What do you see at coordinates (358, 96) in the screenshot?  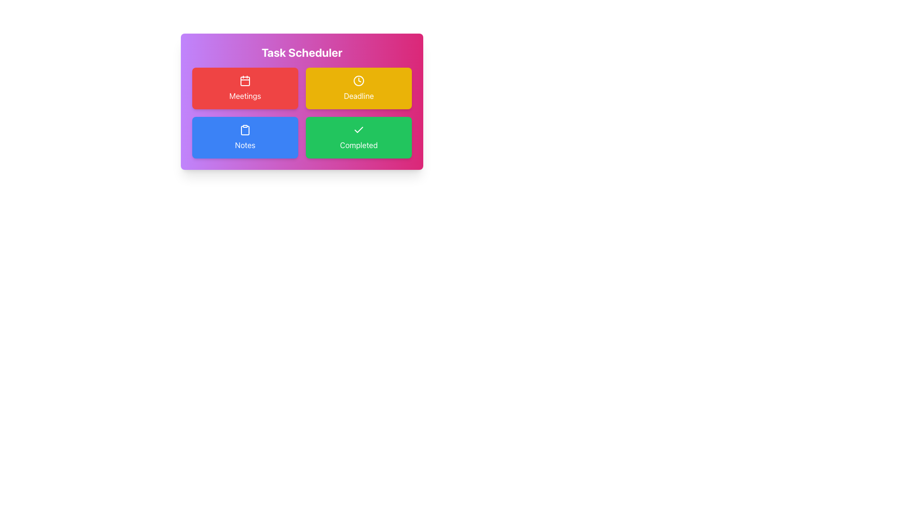 I see `text label located at the bottom center of the yellow button in the top-right of the interface, which indicates tasks related to deadlines` at bounding box center [358, 96].